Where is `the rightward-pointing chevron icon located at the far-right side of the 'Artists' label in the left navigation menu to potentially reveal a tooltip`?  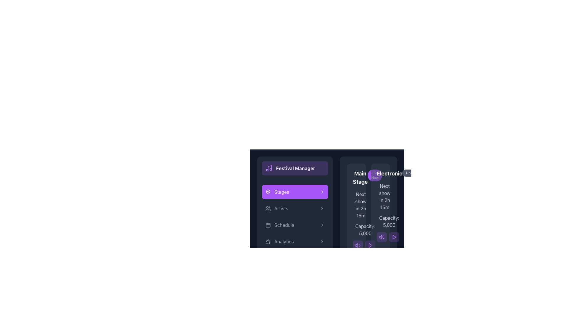 the rightward-pointing chevron icon located at the far-right side of the 'Artists' label in the left navigation menu to potentially reveal a tooltip is located at coordinates (322, 208).